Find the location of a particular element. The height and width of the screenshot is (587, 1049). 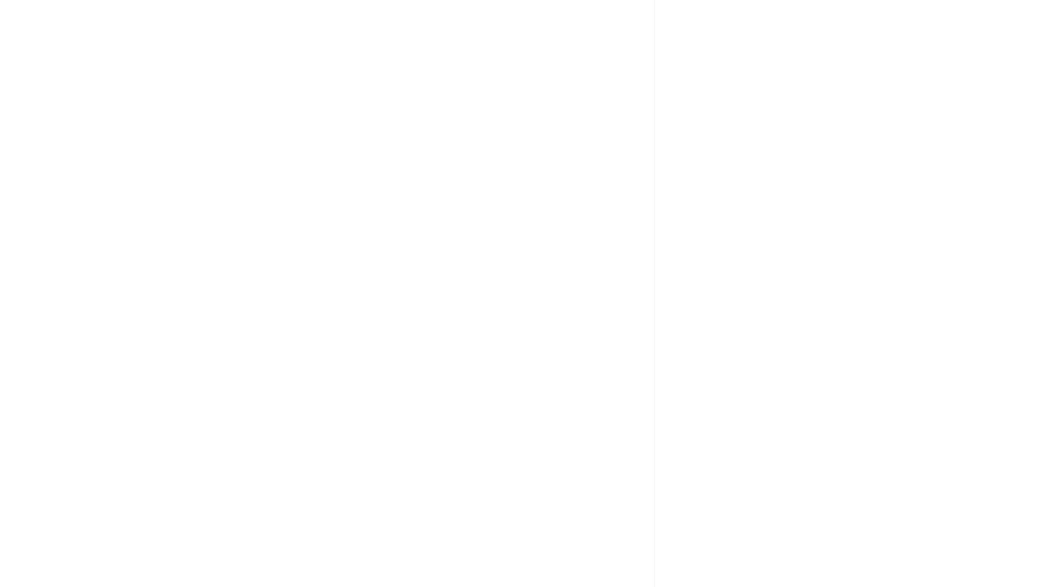

'© 2017 ASHADEEP. All right reserved' is located at coordinates (576, 300).